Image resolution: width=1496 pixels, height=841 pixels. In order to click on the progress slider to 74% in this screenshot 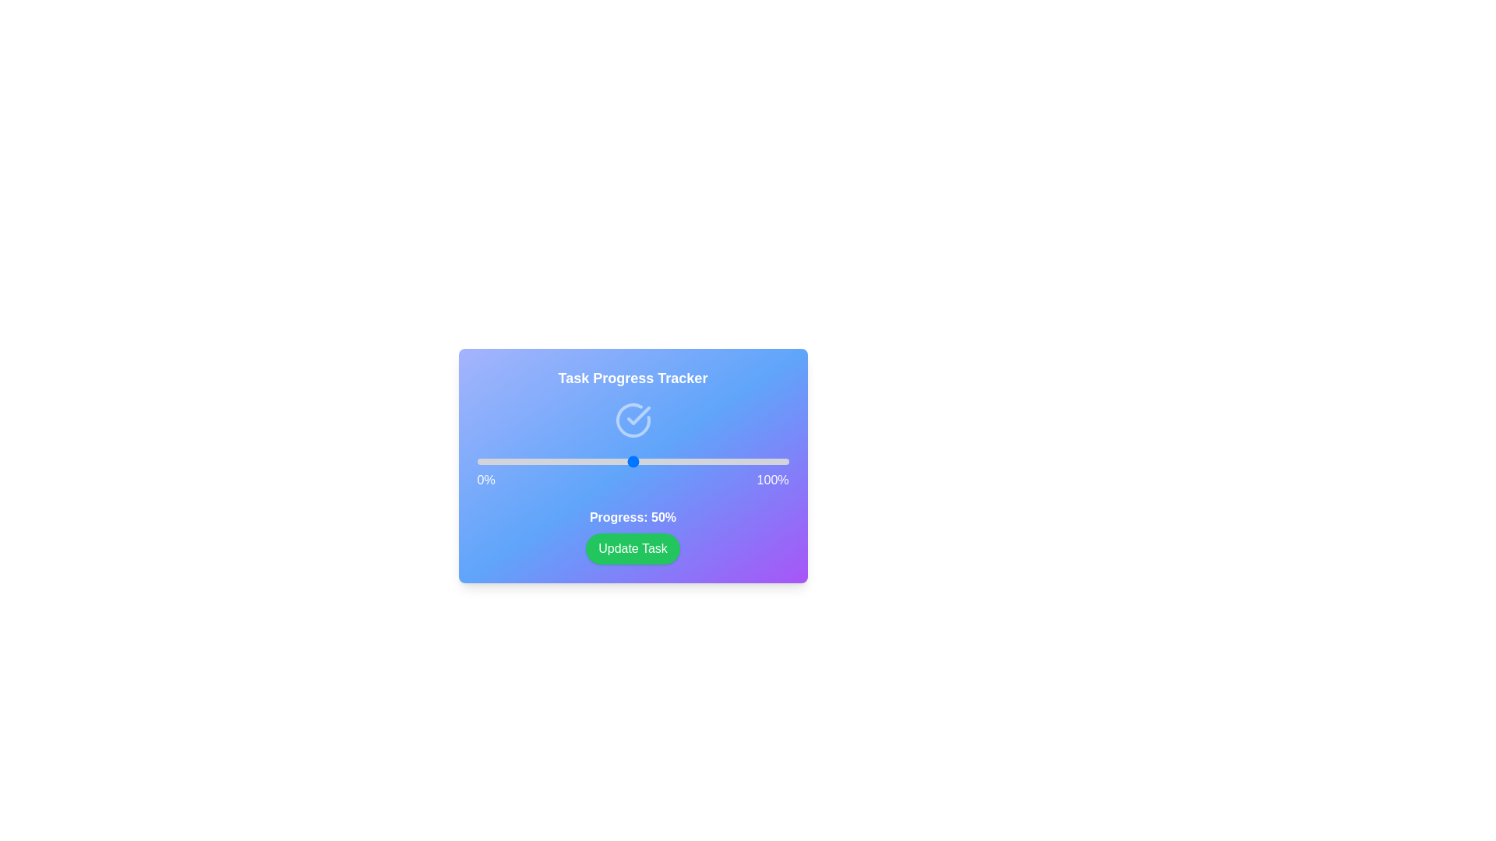, I will do `click(707, 461)`.